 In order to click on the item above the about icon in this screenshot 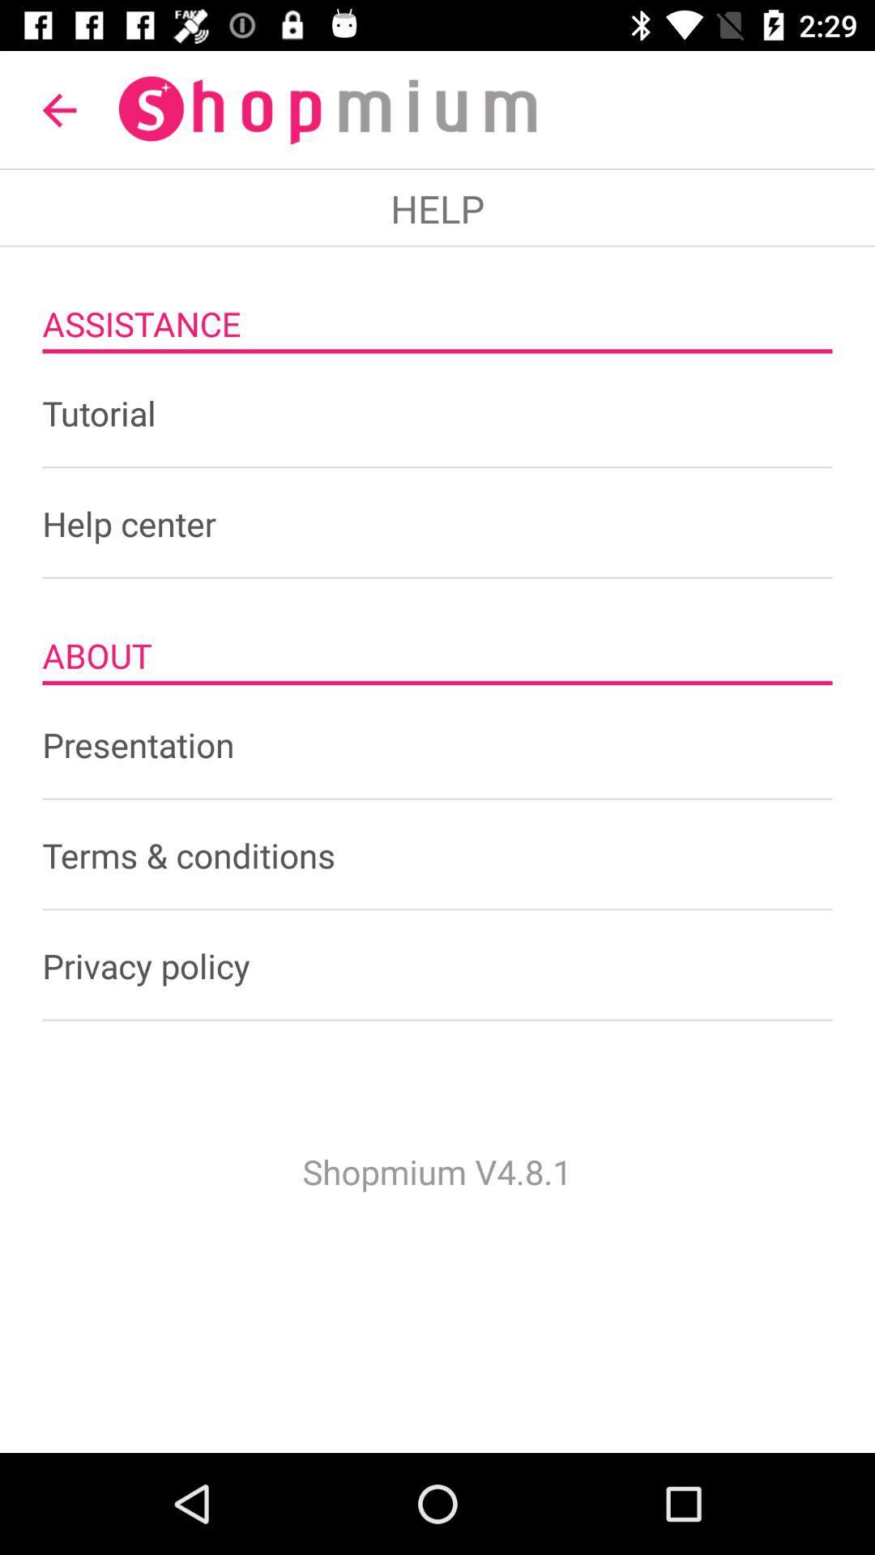, I will do `click(437, 523)`.